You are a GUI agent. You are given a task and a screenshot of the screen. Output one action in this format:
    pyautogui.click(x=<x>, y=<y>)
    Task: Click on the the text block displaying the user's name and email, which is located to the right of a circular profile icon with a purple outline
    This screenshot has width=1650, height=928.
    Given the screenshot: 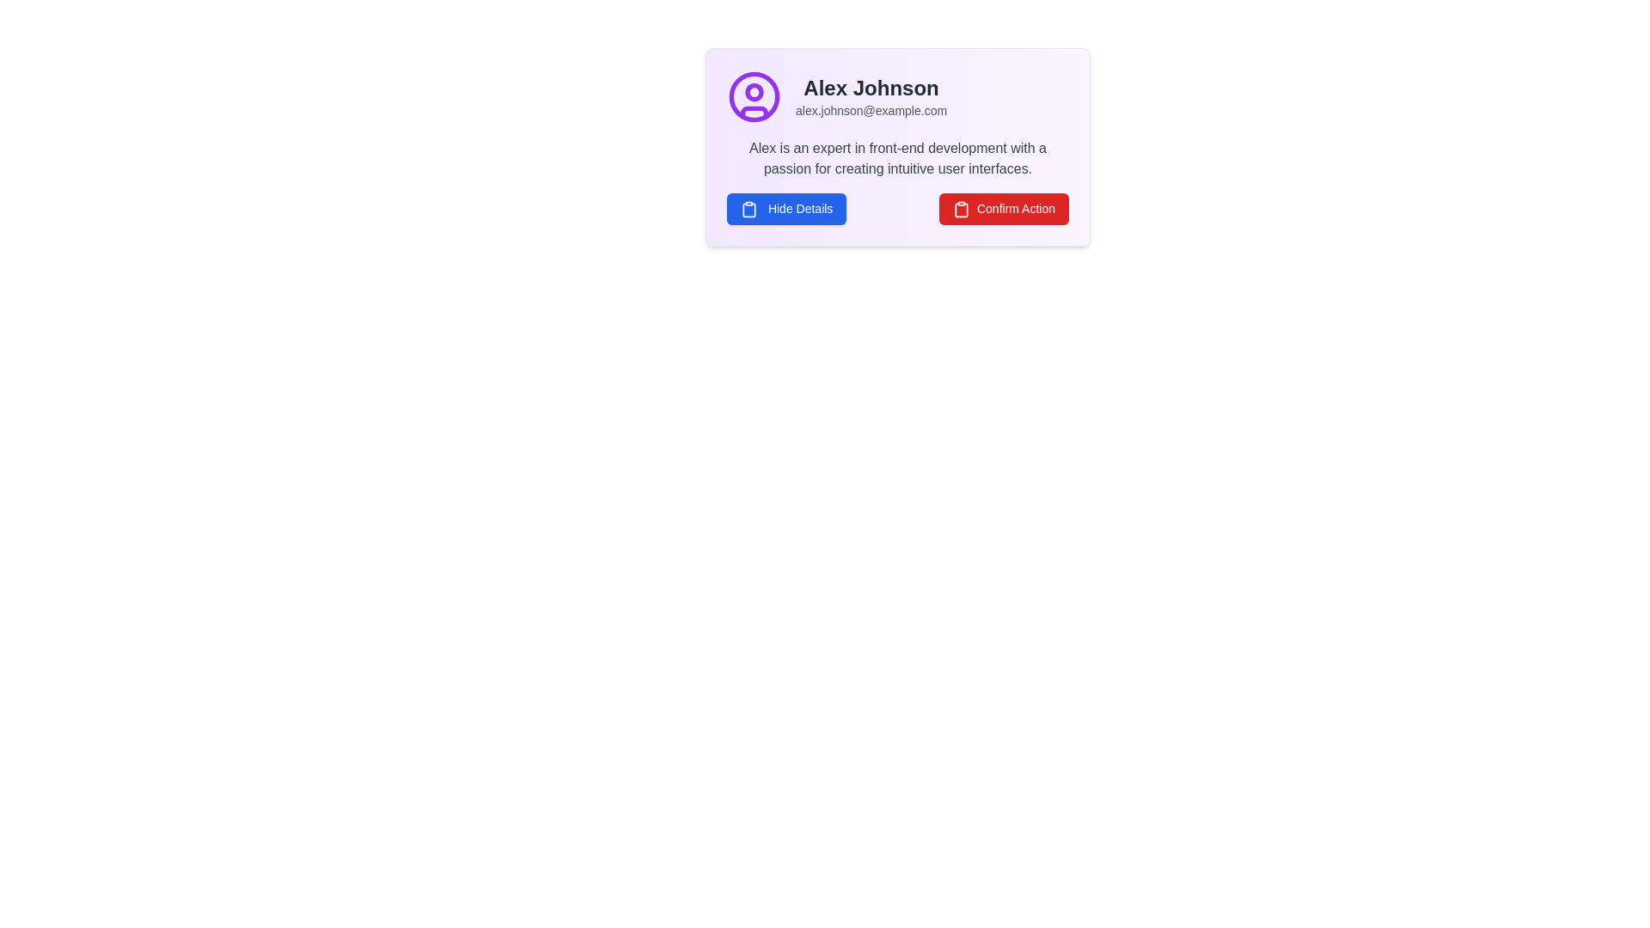 What is the action you would take?
    pyautogui.click(x=871, y=96)
    